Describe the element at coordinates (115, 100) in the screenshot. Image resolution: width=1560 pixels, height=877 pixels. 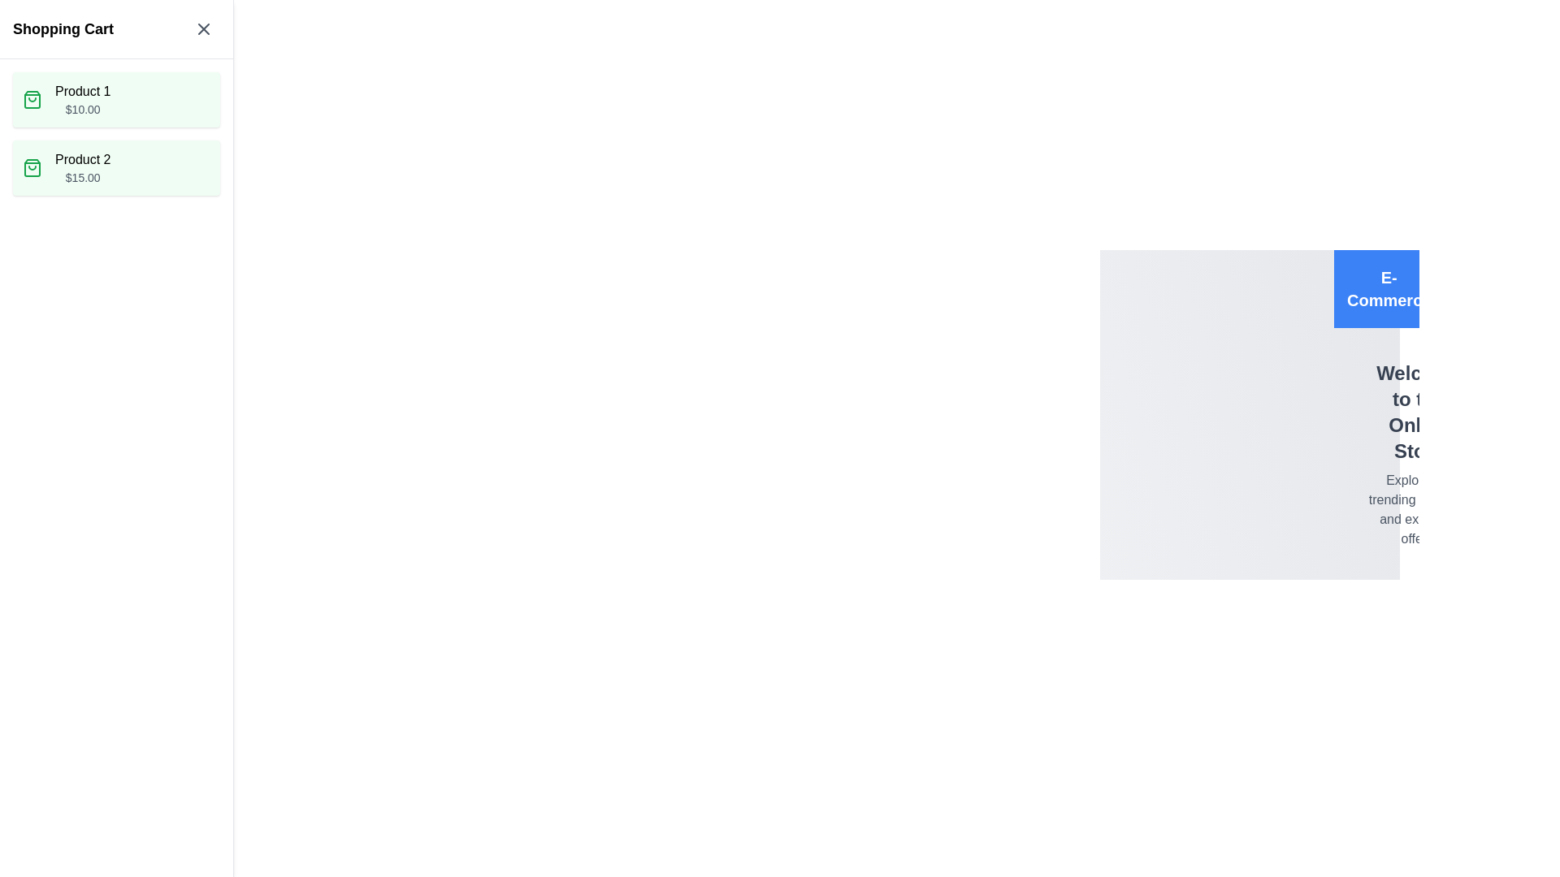
I see `the first list item in the 'Shopping Cart' sidebar, which represents a product and its price, located above 'Product 2'` at that location.